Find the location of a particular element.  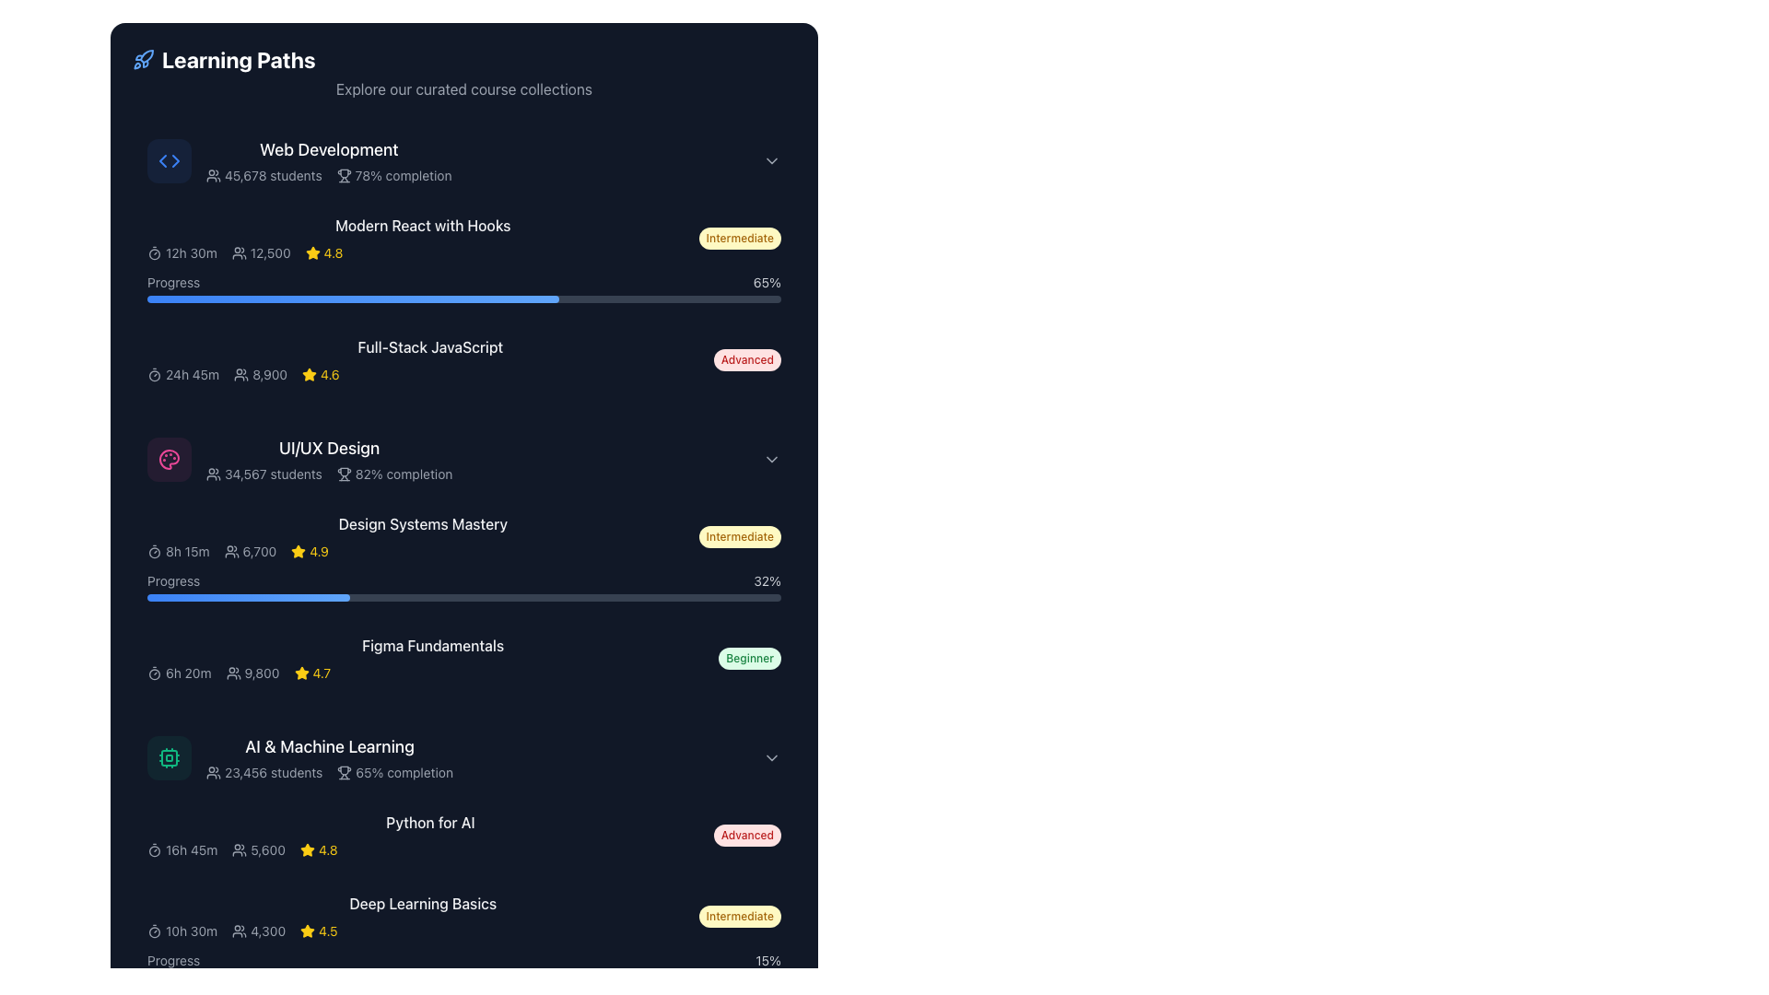

Progress indicator (progress bar segment) which is a horizontal bar with rounded edges, styled with a gradient color transitioning from darker to lighter blue, located below the 'Design Systems Mastery' section in a UI/UX course card for debugging purposes is located at coordinates (248, 597).